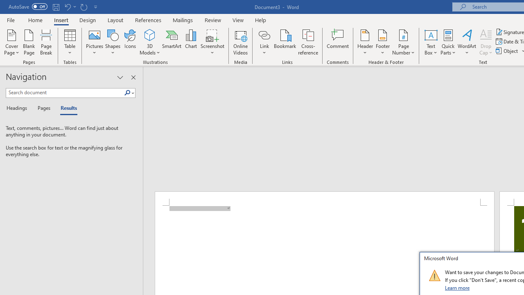 The image size is (524, 295). What do you see at coordinates (66, 108) in the screenshot?
I see `'Results'` at bounding box center [66, 108].